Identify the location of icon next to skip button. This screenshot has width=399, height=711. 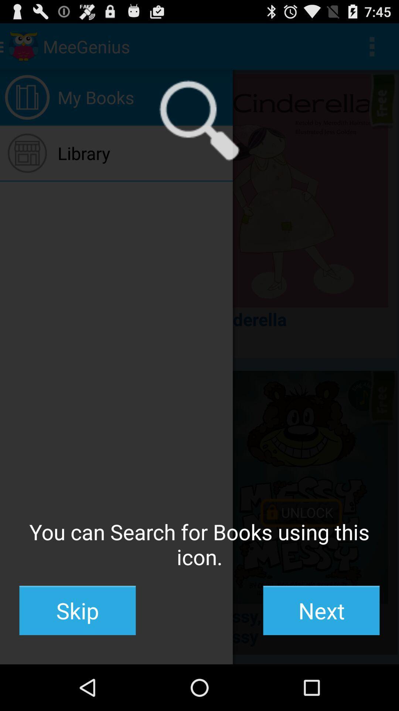
(321, 610).